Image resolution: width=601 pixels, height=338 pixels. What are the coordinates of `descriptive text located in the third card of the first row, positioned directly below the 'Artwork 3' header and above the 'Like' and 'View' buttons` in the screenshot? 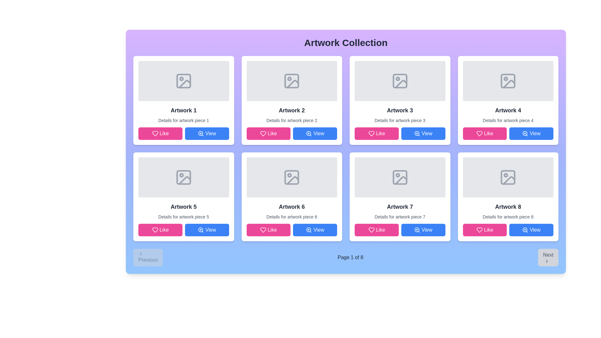 It's located at (399, 120).